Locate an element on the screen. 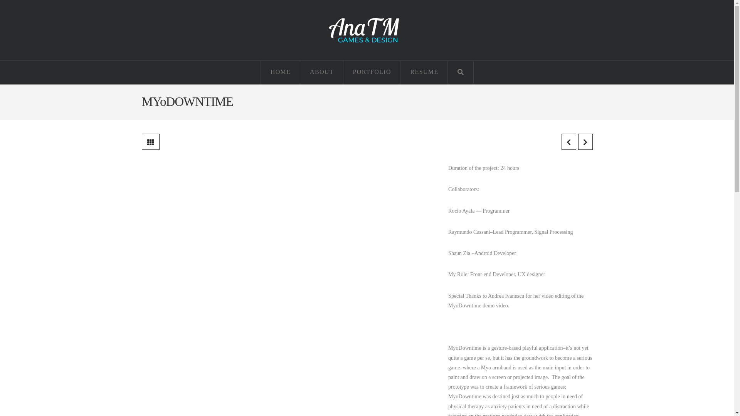  'HOME' is located at coordinates (261, 72).